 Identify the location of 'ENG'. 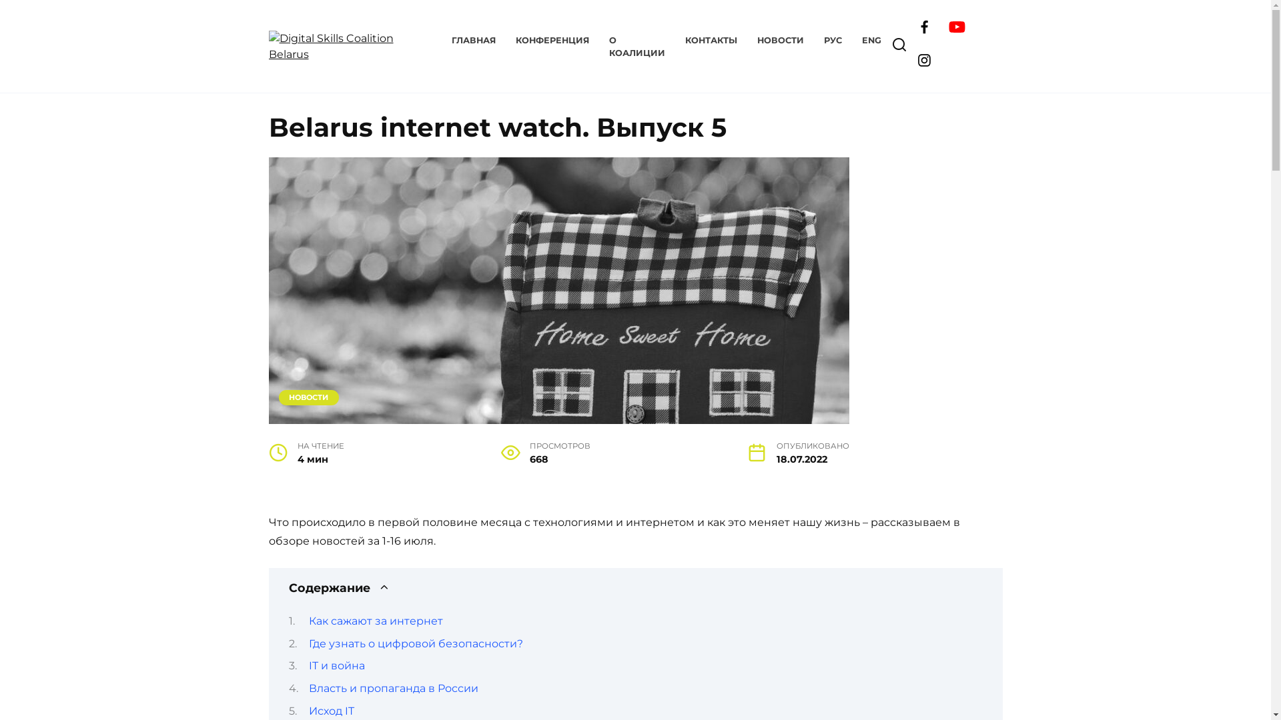
(871, 39).